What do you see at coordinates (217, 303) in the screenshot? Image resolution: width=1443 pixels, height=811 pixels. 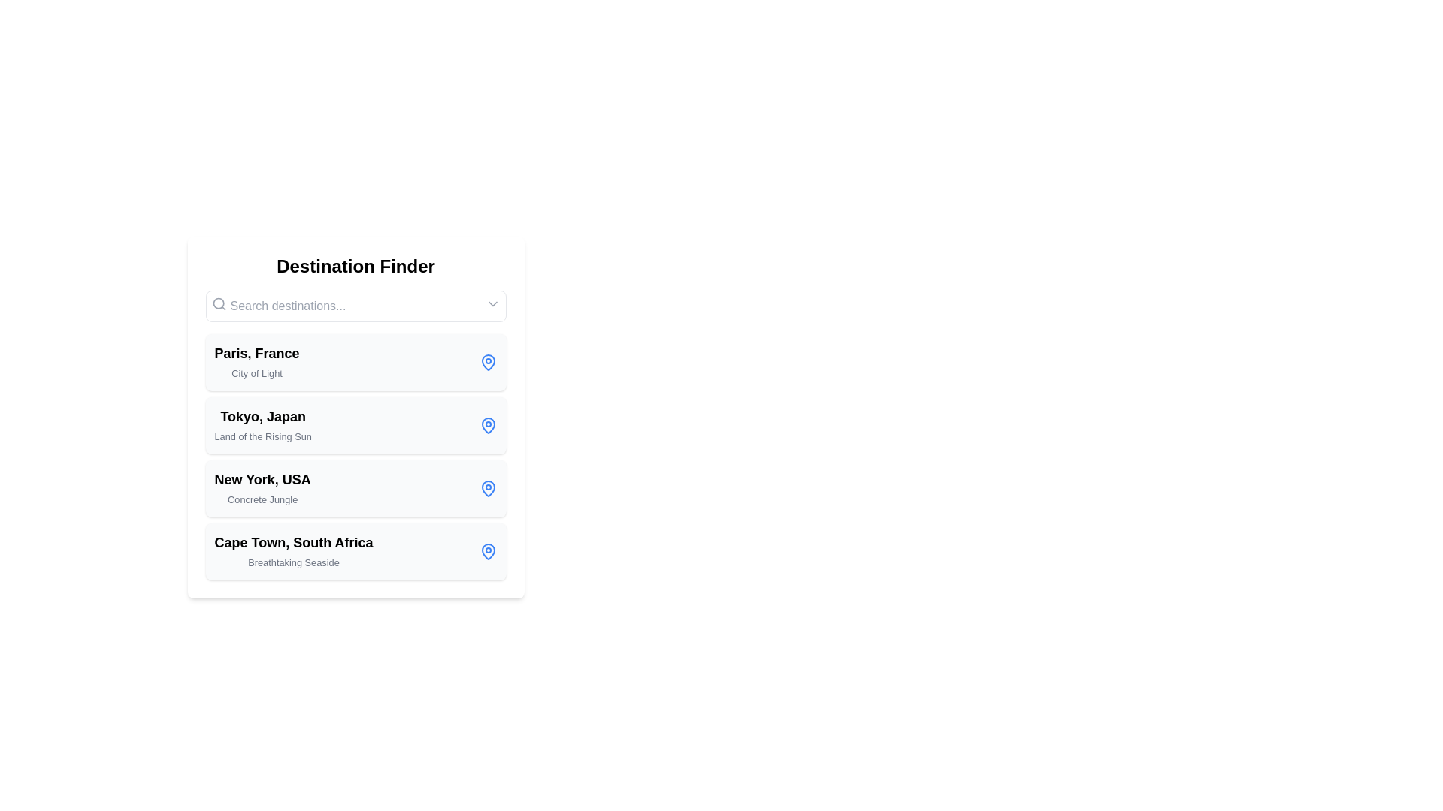 I see `the circular lens of the magnifying glass icon, which is part of the search bar labeled 'Search destinations...'` at bounding box center [217, 303].